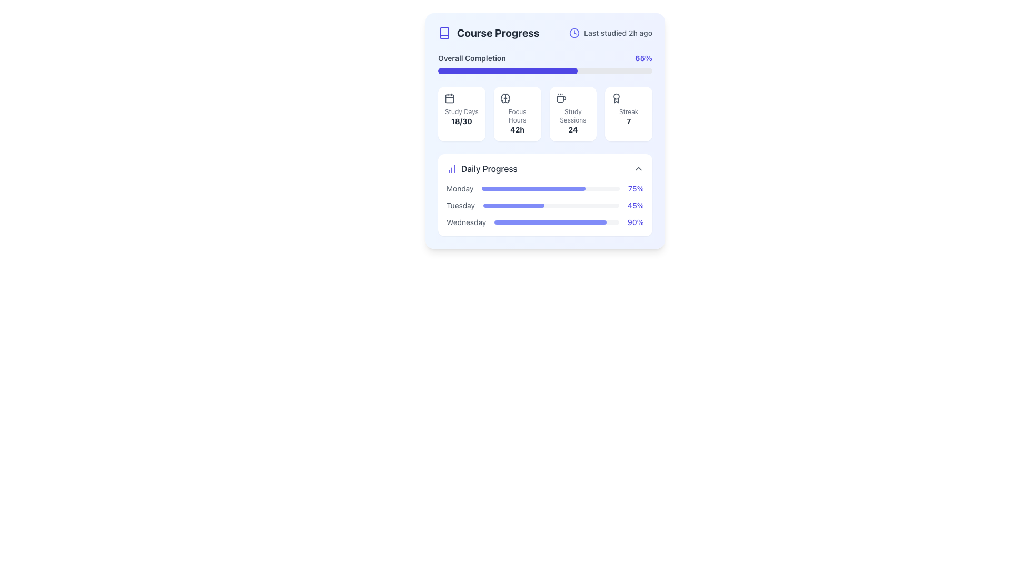 The height and width of the screenshot is (568, 1011). What do you see at coordinates (465, 222) in the screenshot?
I see `the text label displaying 'Wednesday' in gray color, located in the 'Daily Progress' section, to the far left of the progress bar group` at bounding box center [465, 222].